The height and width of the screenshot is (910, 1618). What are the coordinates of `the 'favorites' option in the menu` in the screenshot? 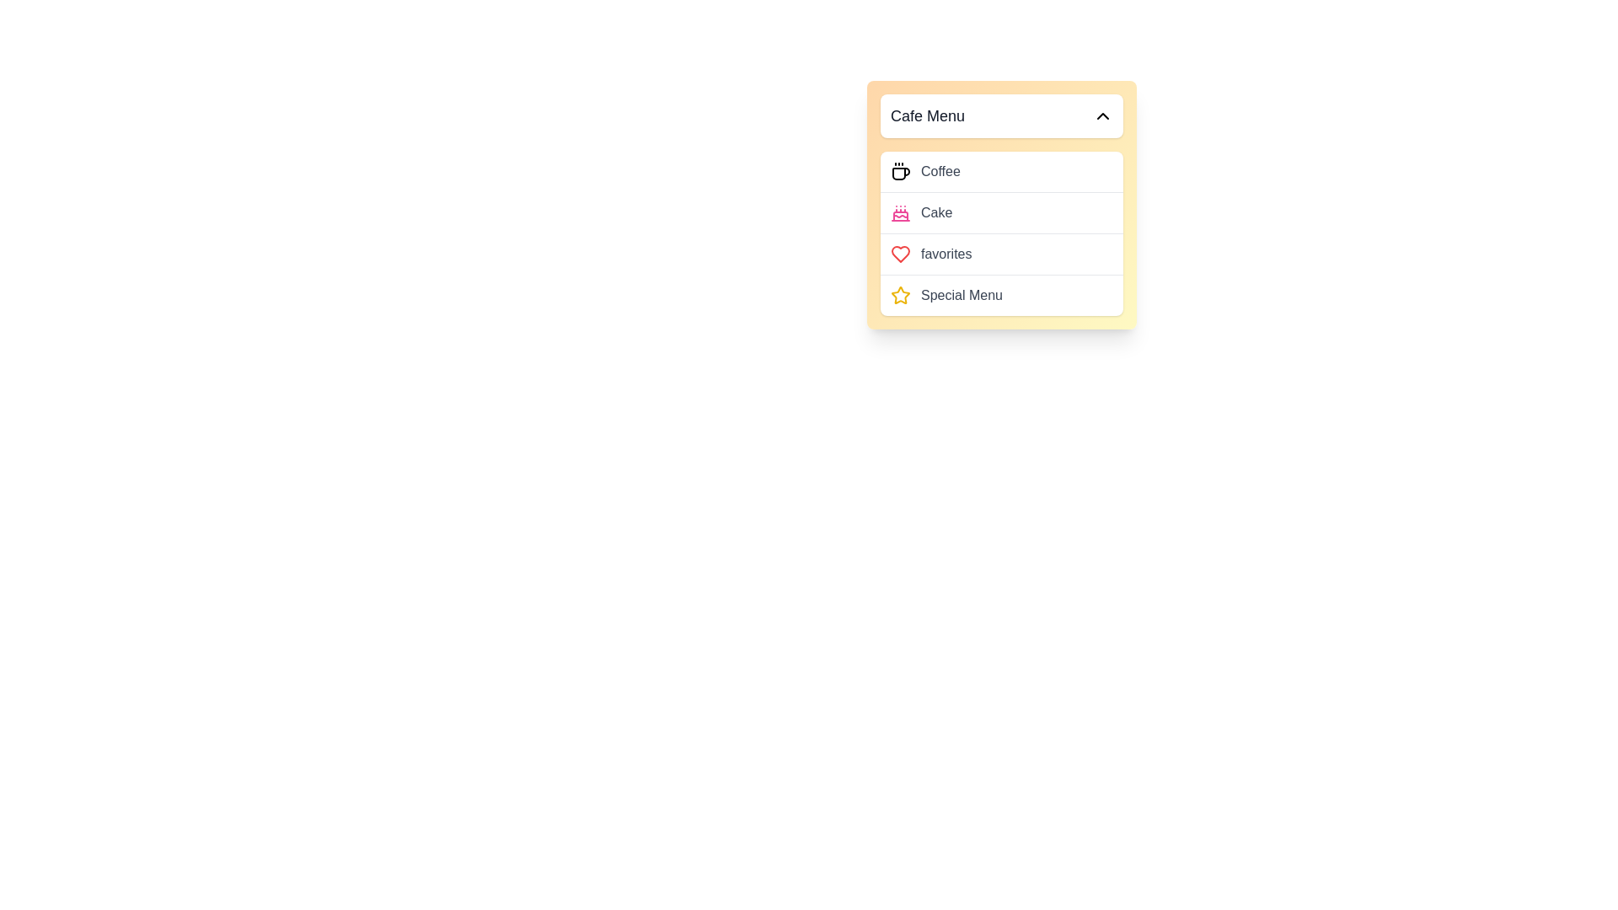 It's located at (1002, 233).